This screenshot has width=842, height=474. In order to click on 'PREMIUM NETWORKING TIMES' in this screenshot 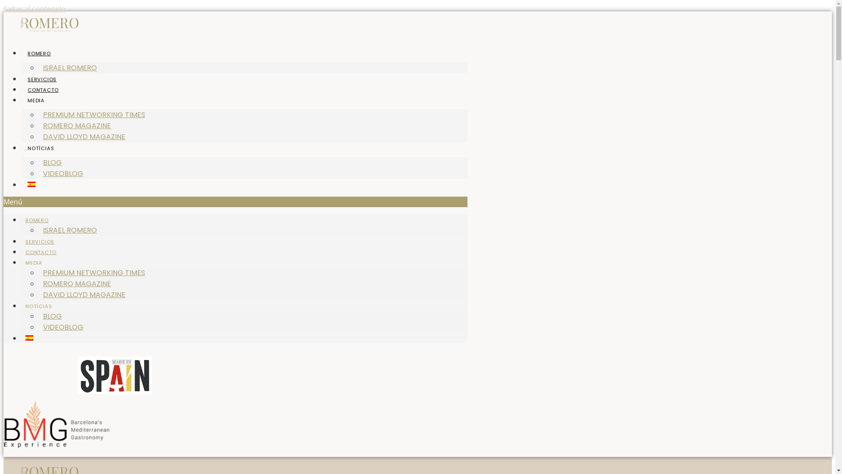, I will do `click(94, 272)`.